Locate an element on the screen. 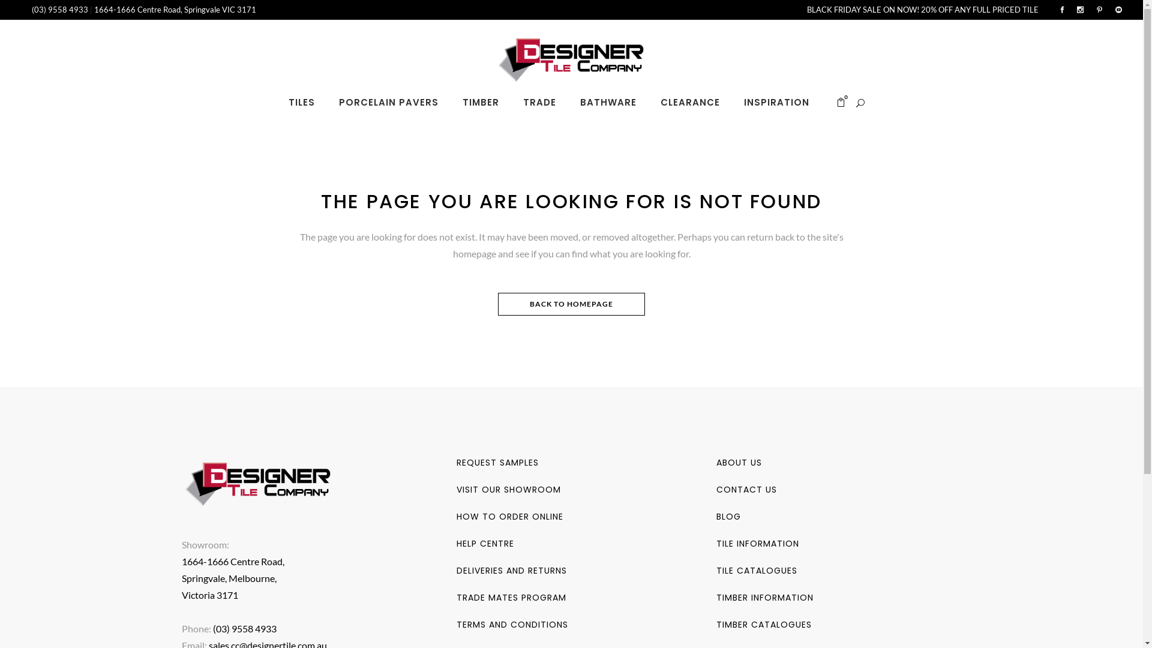 Image resolution: width=1152 pixels, height=648 pixels. '(03) 9558 4933' is located at coordinates (60, 9).